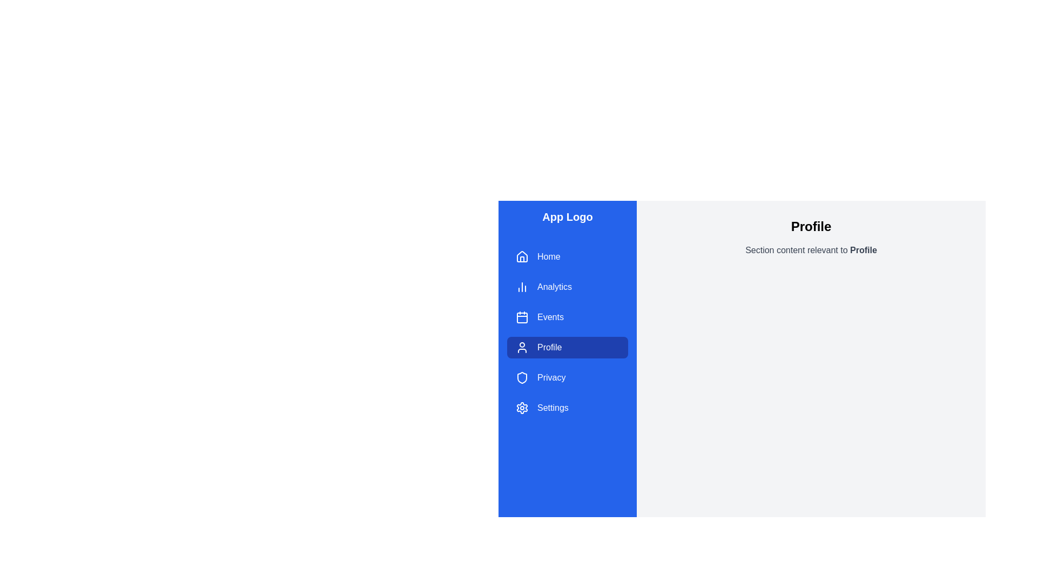  What do you see at coordinates (522, 348) in the screenshot?
I see `the user profile icon with a circular head and torso outline, located in the left-side menu as the fourth item labeled 'Profile'` at bounding box center [522, 348].